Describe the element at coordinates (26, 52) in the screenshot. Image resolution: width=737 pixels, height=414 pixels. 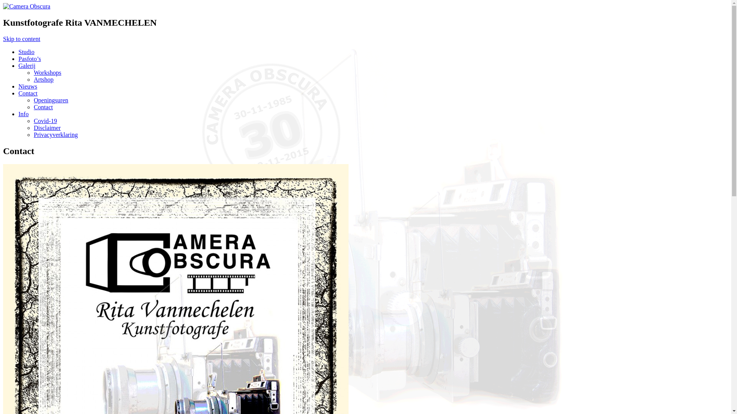
I see `'Studio'` at that location.